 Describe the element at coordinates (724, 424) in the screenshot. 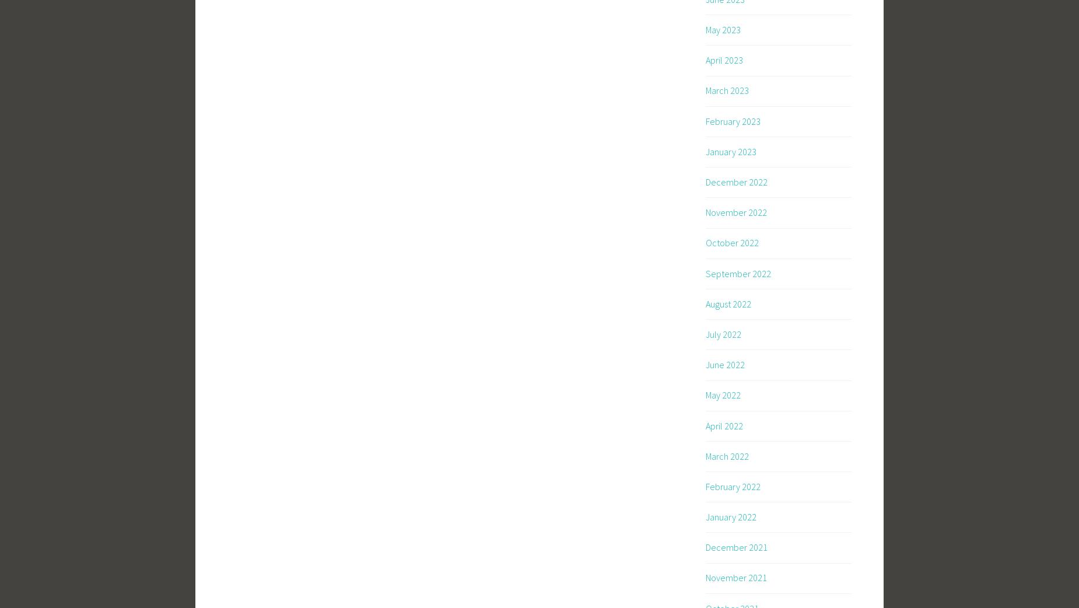

I see `'April 2022'` at that location.